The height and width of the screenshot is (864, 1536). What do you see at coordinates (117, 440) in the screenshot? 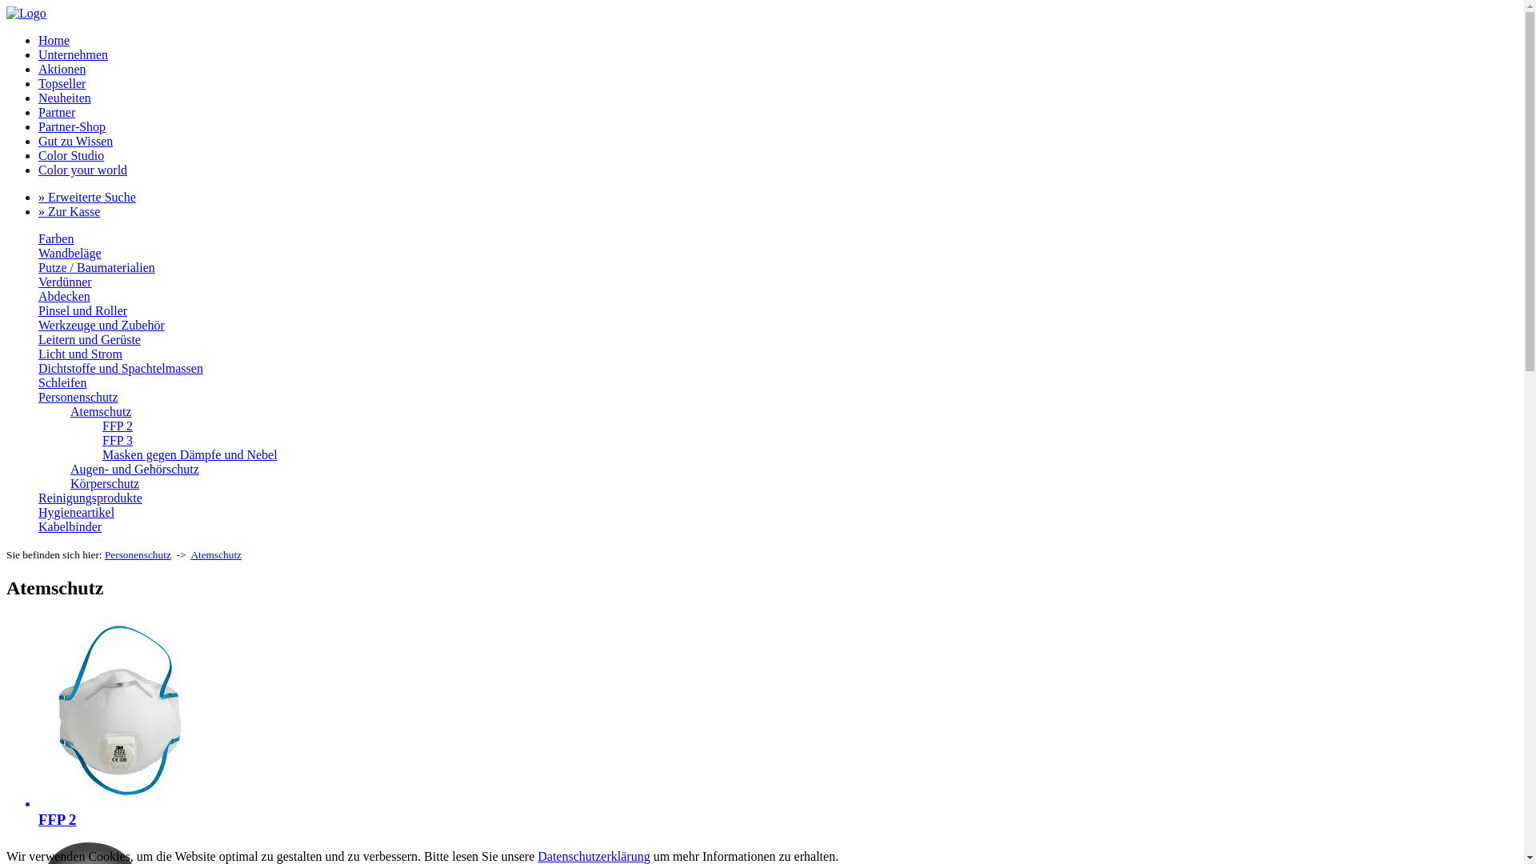
I see `'FFP 3'` at bounding box center [117, 440].